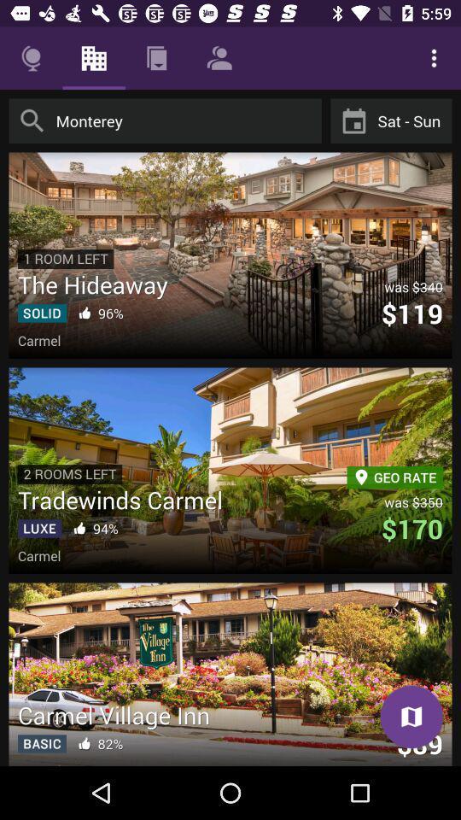 The image size is (461, 820). What do you see at coordinates (411, 717) in the screenshot?
I see `the book icon` at bounding box center [411, 717].